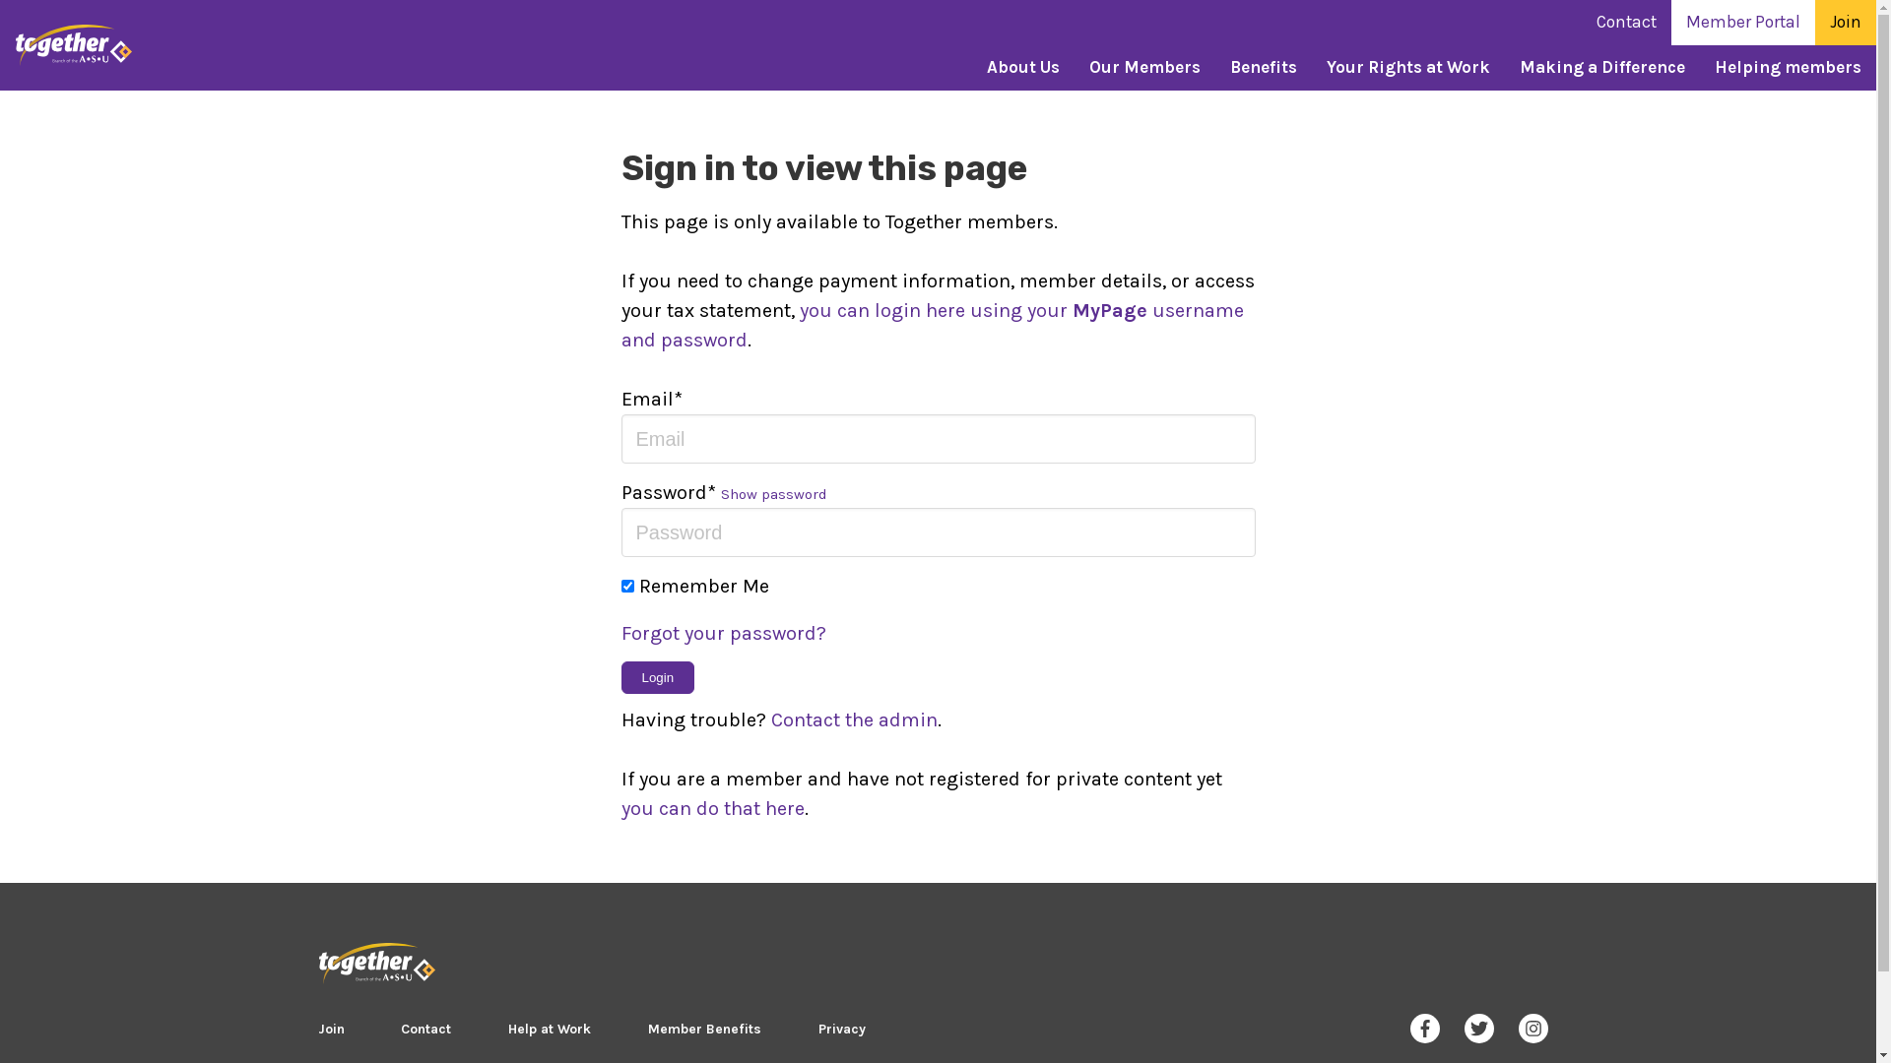  I want to click on 'Helping members', so click(1788, 67).